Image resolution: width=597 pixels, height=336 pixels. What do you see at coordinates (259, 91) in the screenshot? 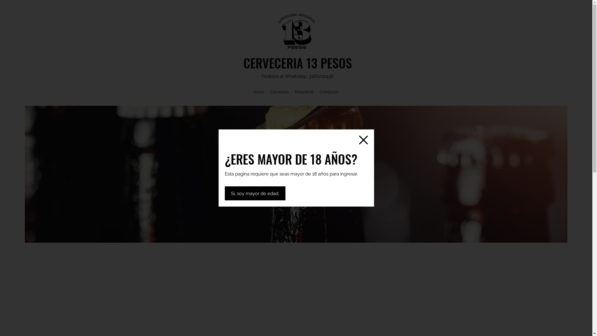
I see `'Inicio'` at bounding box center [259, 91].